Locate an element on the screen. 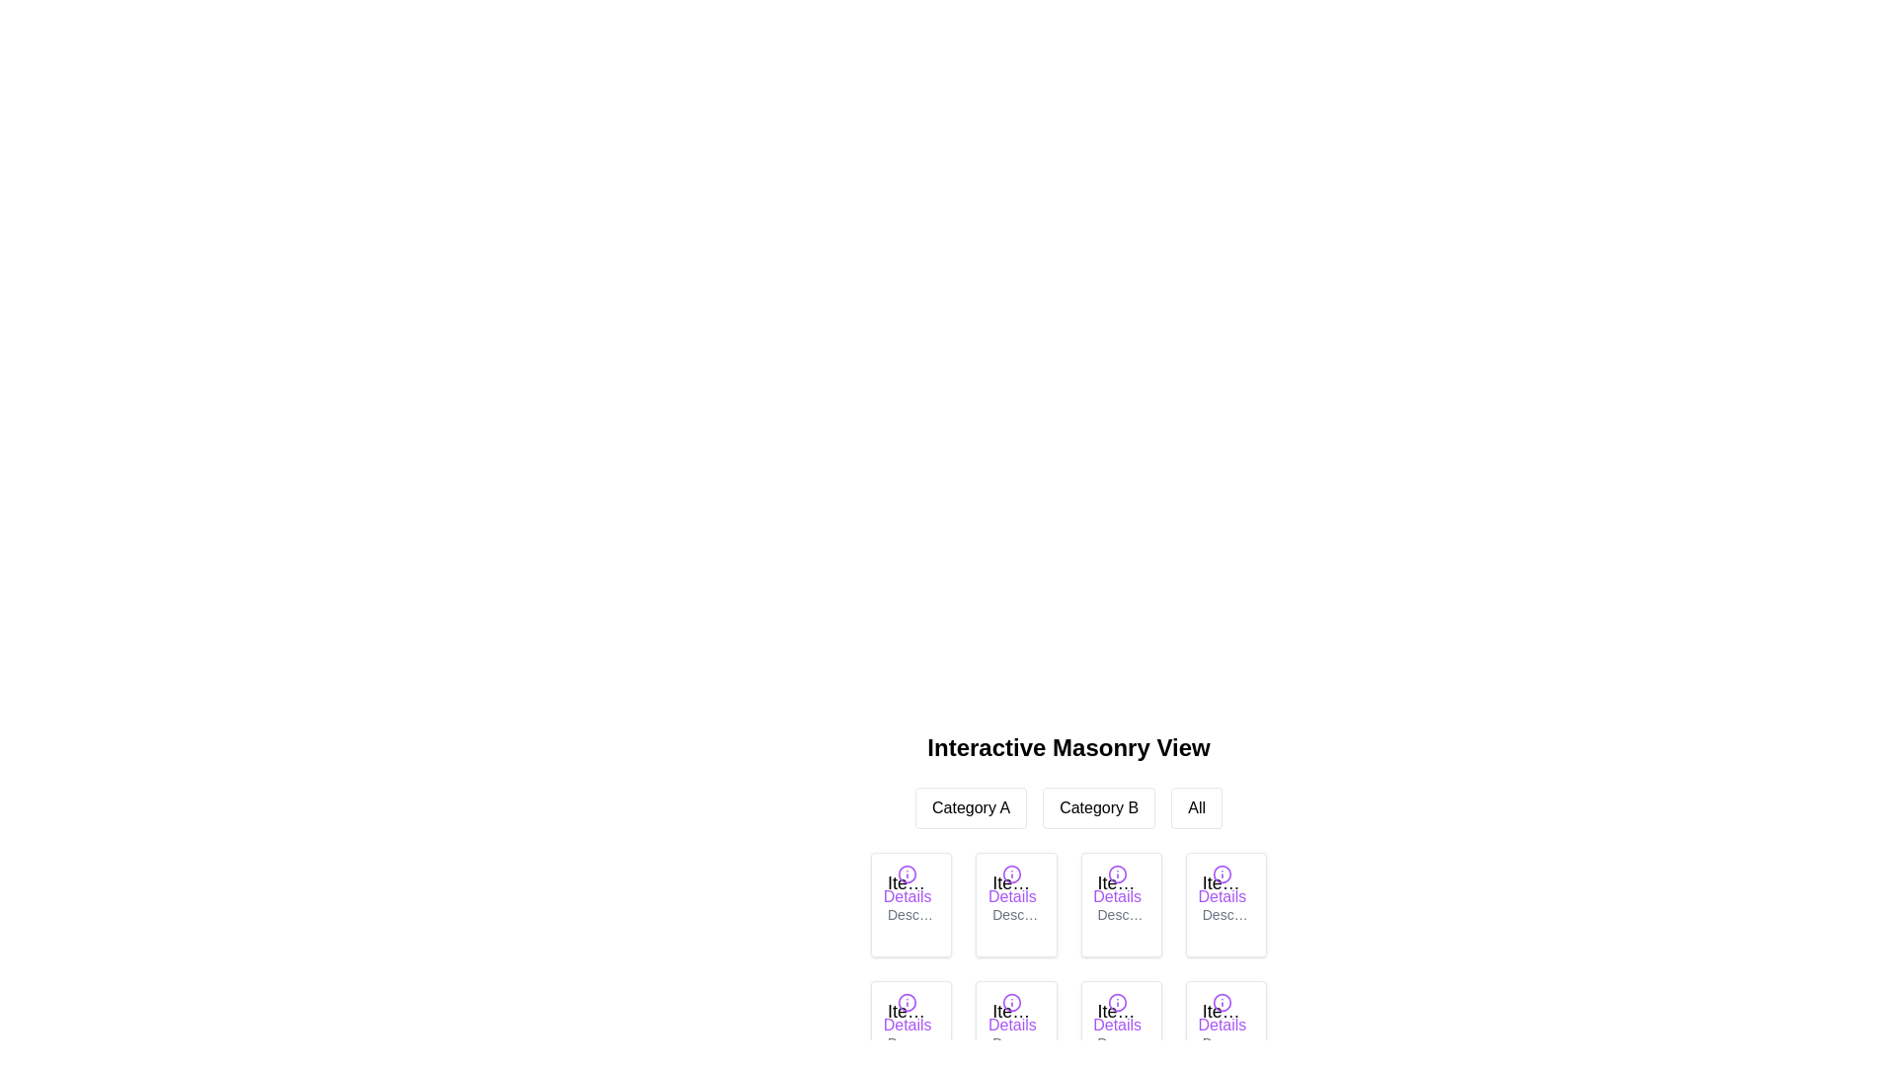  the icon within the 'Details' button of the second card in the first row of items is located at coordinates (1012, 873).